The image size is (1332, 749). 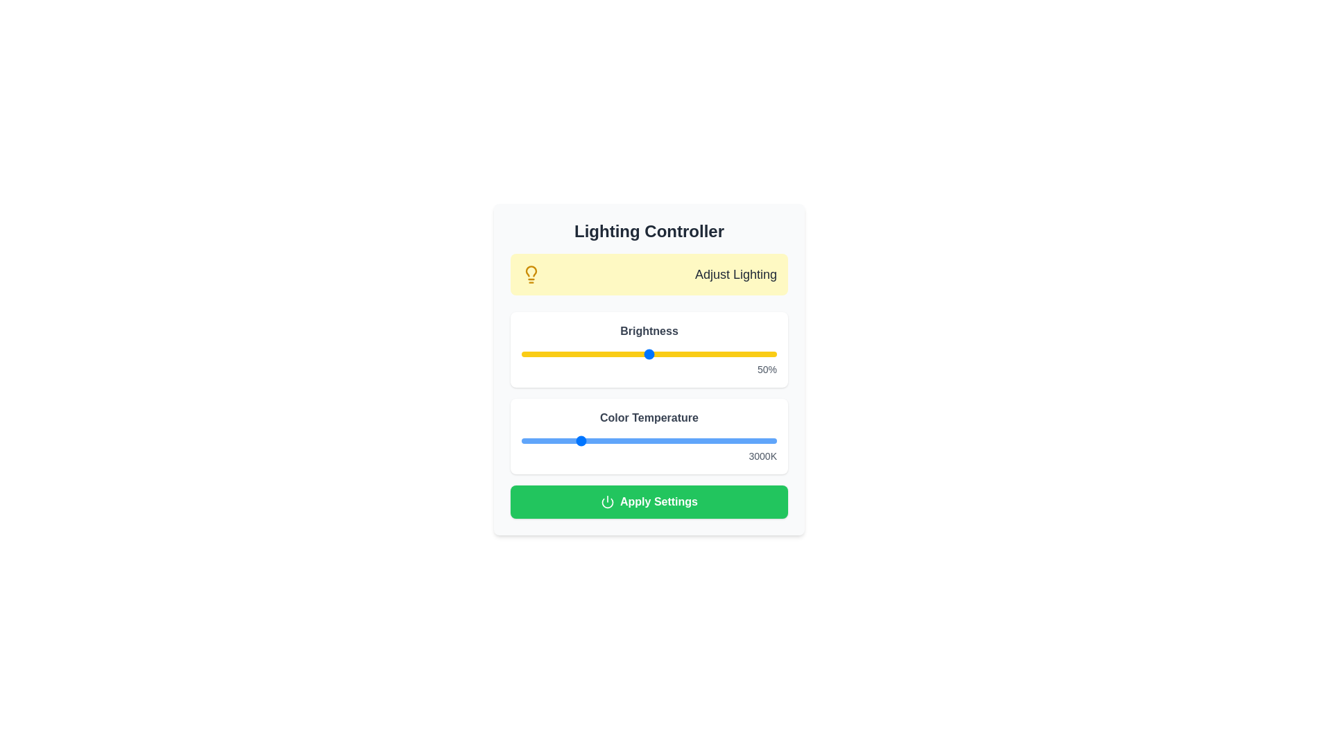 What do you see at coordinates (689, 441) in the screenshot?
I see `the color temperature slider to 6916 K` at bounding box center [689, 441].